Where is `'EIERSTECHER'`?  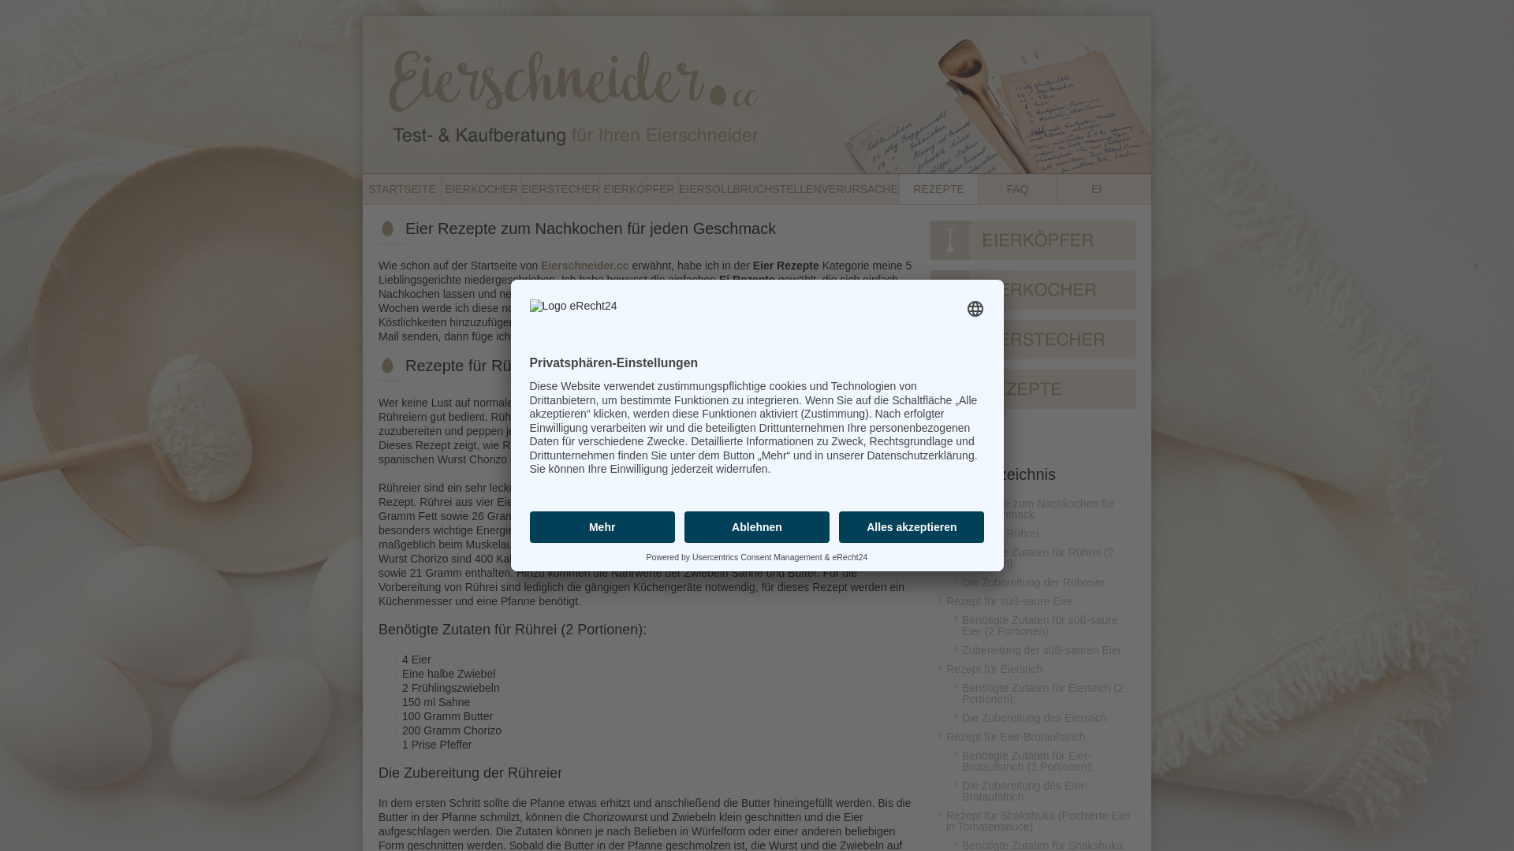
'EIERSTECHER' is located at coordinates (560, 188).